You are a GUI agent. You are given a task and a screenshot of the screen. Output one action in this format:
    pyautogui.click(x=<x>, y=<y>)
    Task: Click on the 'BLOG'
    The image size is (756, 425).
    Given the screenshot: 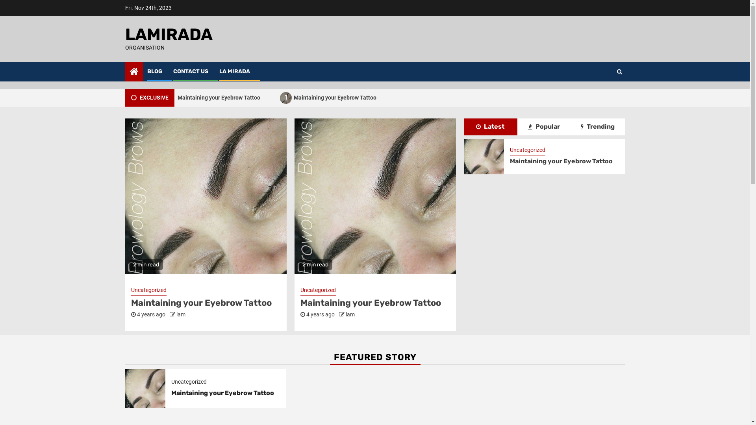 What is the action you would take?
    pyautogui.click(x=147, y=71)
    